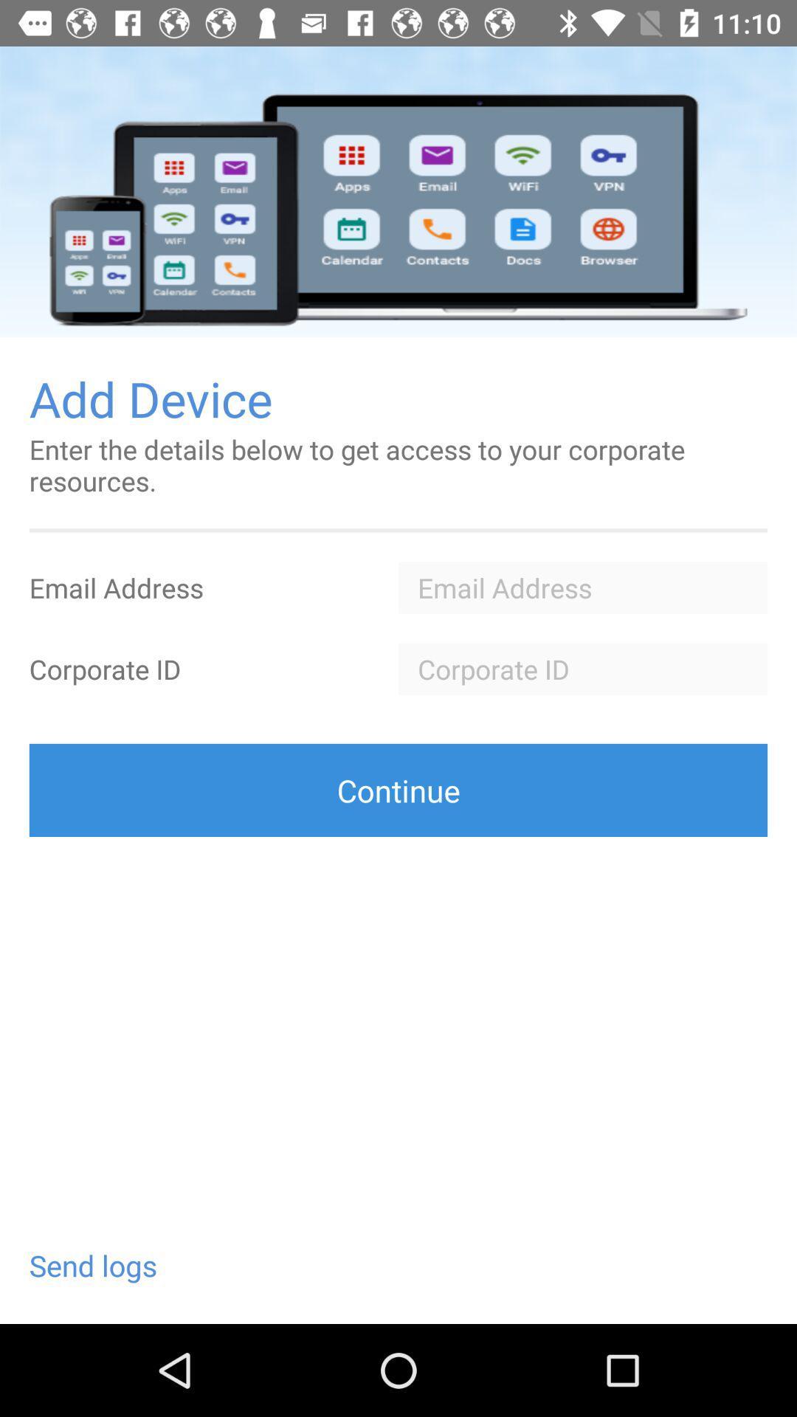  Describe the element at coordinates (93, 1265) in the screenshot. I see `item below continue icon` at that location.